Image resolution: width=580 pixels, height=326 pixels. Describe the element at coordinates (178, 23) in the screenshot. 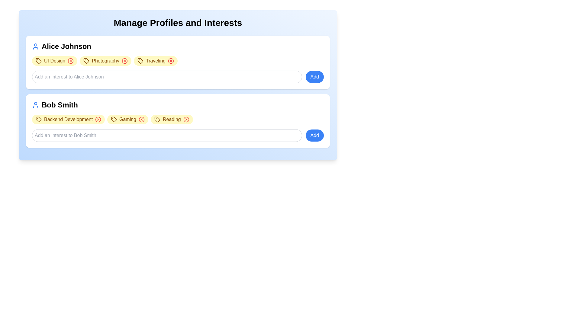

I see `text heading that reads 'Manage Profiles and Interests', which is prominently displayed at the top of the user interface` at that location.